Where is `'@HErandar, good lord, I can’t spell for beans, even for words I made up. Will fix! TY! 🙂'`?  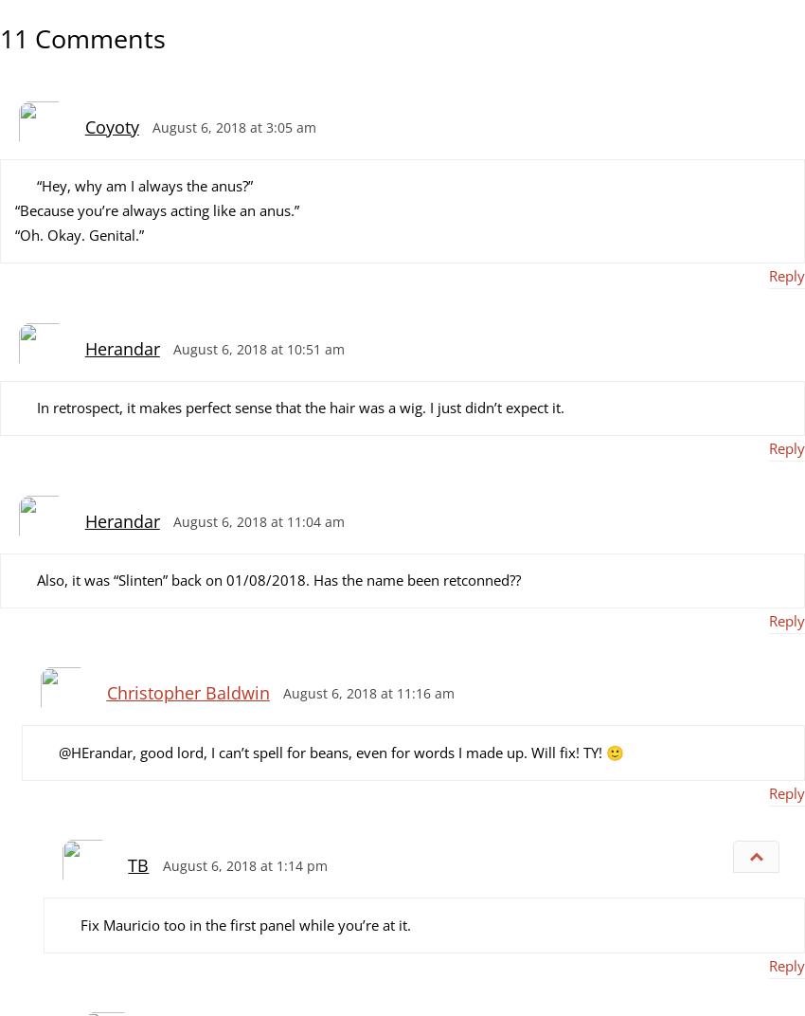 '@HErandar, good lord, I can’t spell for beans, even for words I made up. Will fix! TY! 🙂' is located at coordinates (339, 751).